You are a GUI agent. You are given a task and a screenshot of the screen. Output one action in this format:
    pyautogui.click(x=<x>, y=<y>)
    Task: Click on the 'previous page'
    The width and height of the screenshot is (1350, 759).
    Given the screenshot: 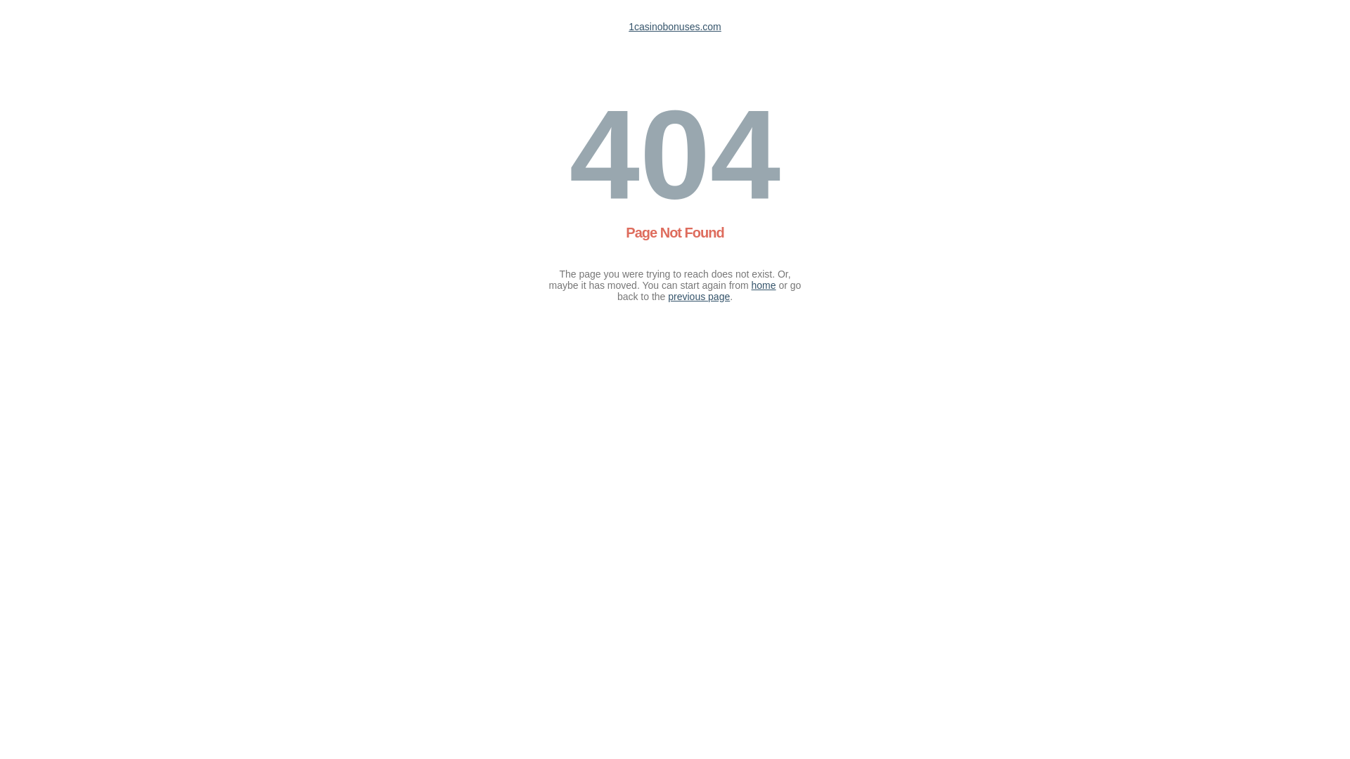 What is the action you would take?
    pyautogui.click(x=667, y=295)
    